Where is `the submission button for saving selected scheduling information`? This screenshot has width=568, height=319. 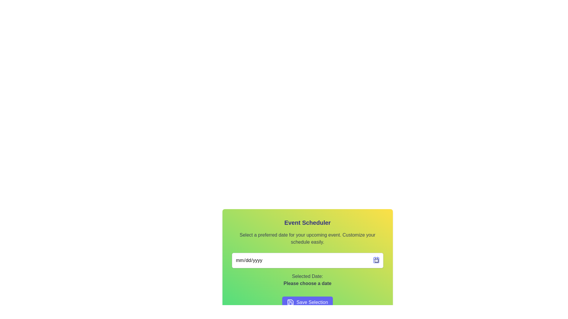
the submission button for saving selected scheduling information is located at coordinates (307, 302).